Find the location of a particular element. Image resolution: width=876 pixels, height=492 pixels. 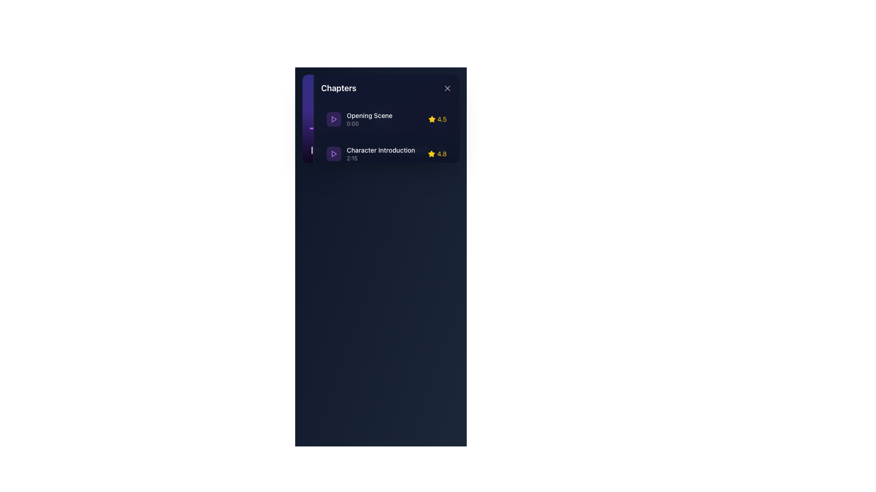

the static text label that serves as the title of the first chapter in the list, located above the timestamp '0:00' is located at coordinates (370, 115).